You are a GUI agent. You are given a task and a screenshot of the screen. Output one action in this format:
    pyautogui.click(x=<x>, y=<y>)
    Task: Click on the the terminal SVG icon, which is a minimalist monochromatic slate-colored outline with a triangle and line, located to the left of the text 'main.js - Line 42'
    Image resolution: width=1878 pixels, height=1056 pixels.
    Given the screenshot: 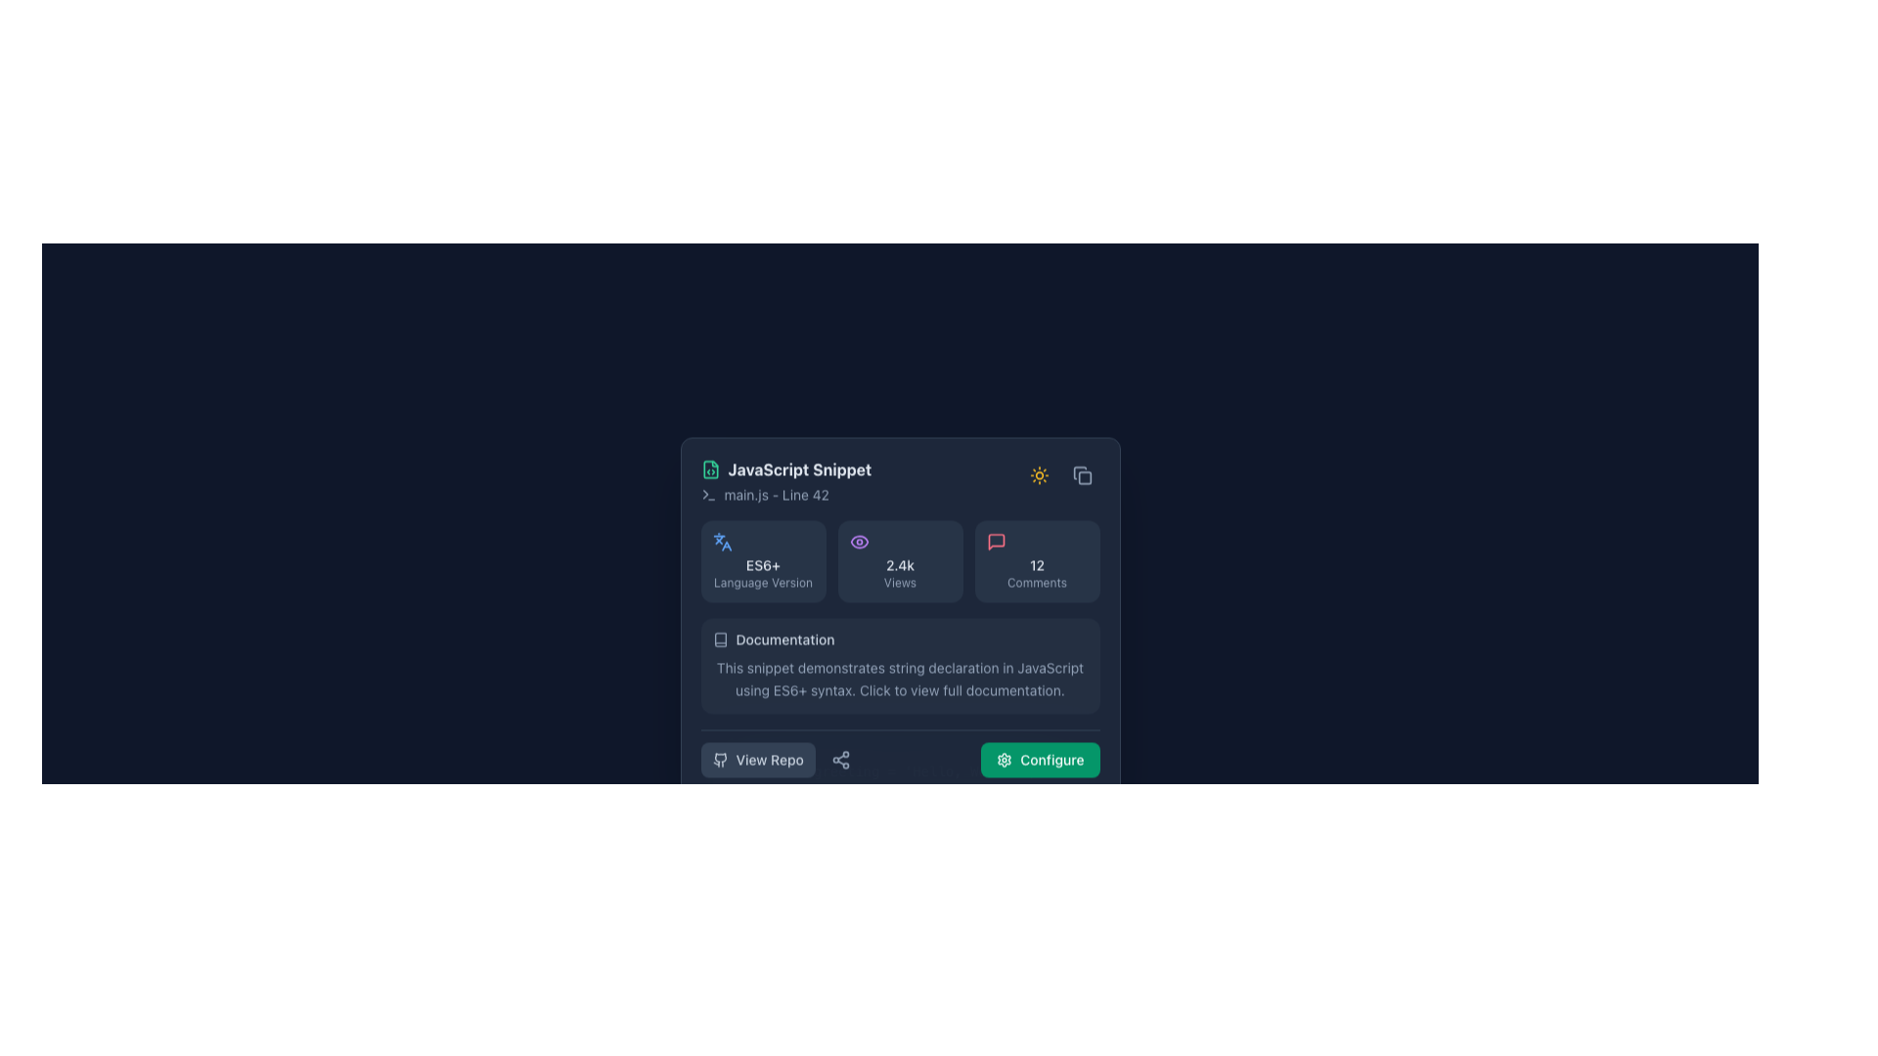 What is the action you would take?
    pyautogui.click(x=707, y=494)
    